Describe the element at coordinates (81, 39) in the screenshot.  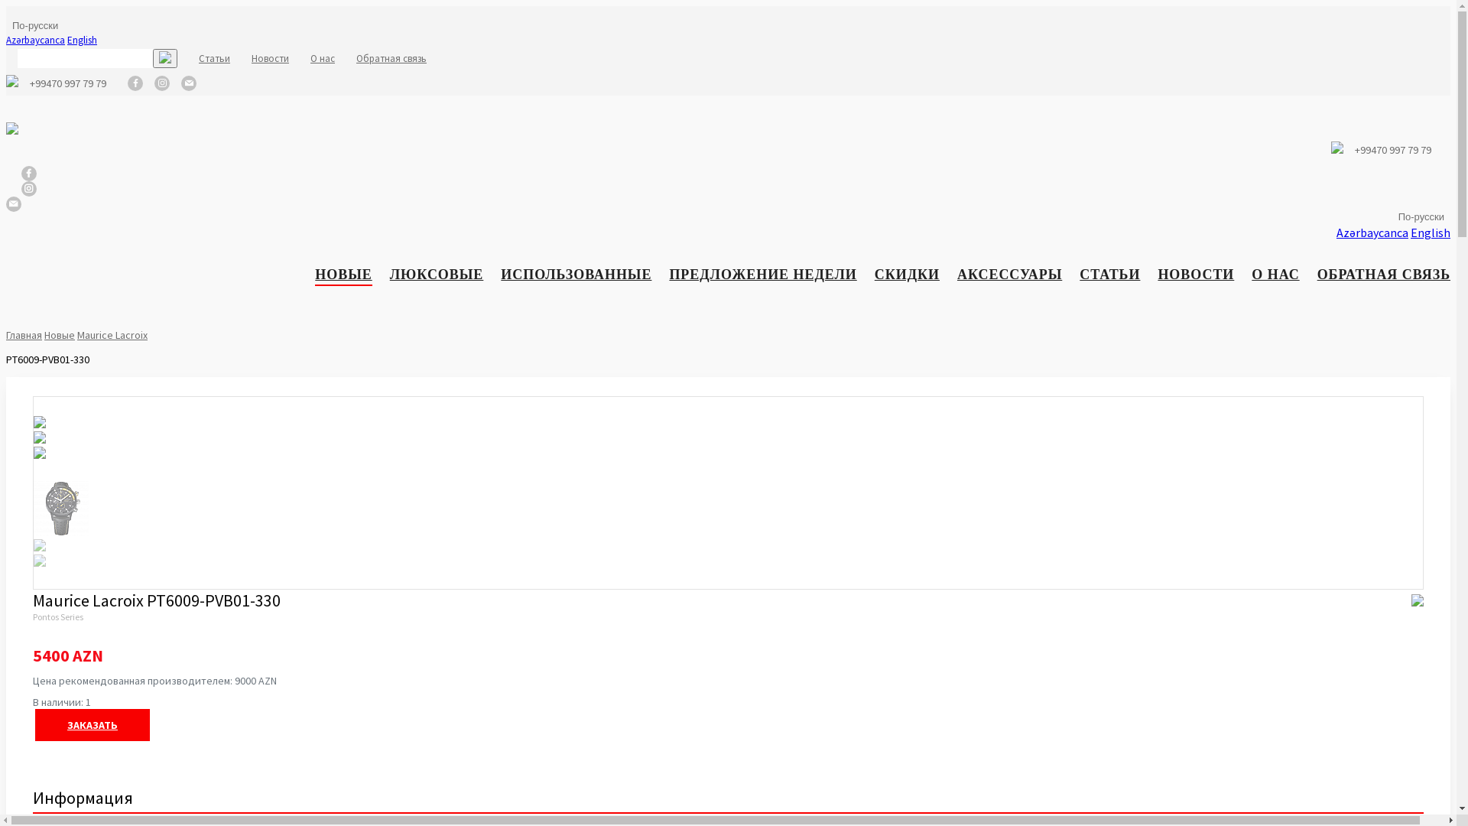
I see `'English'` at that location.